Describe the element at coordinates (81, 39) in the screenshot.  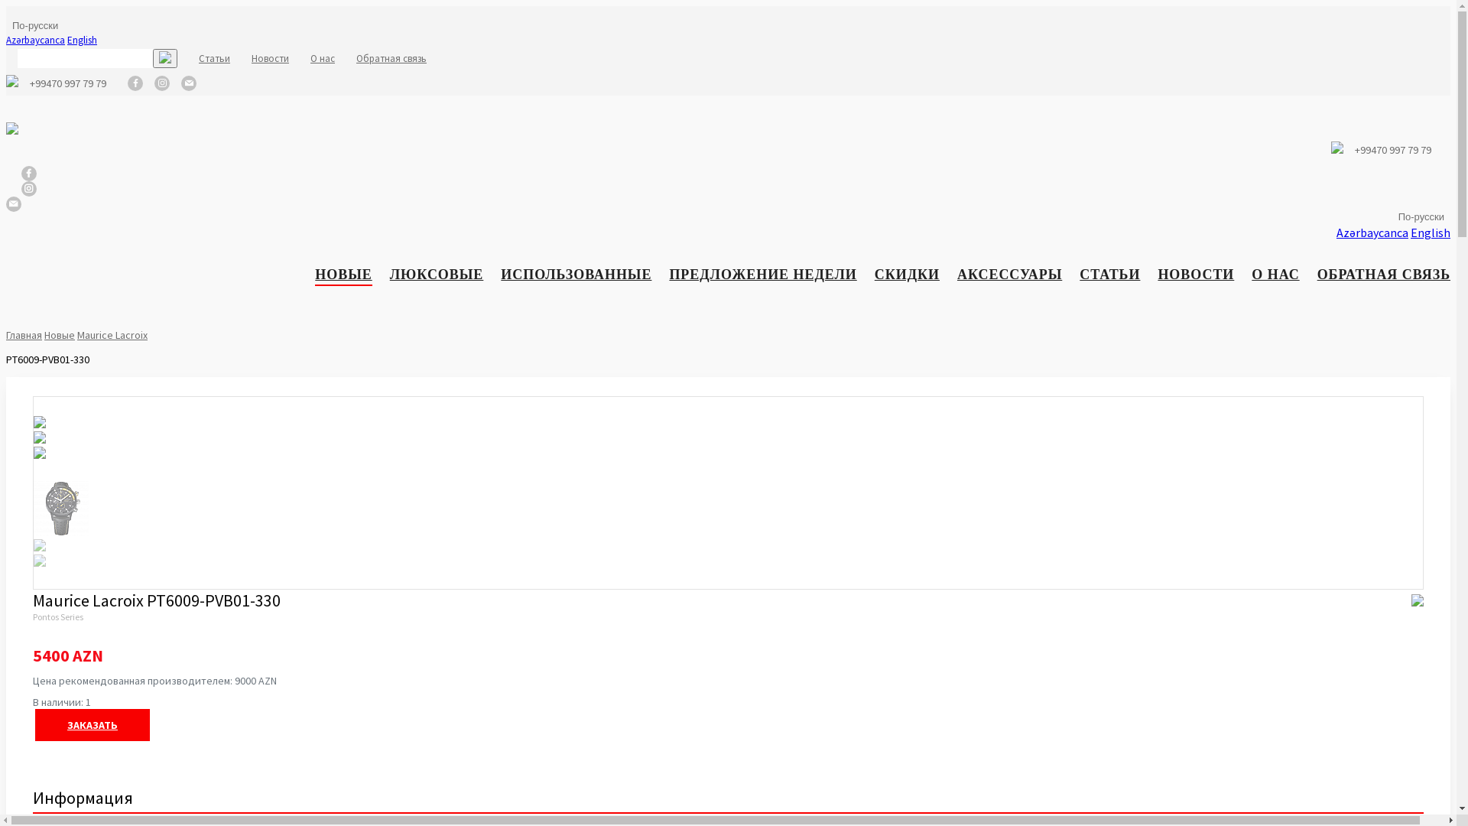
I see `'English'` at that location.